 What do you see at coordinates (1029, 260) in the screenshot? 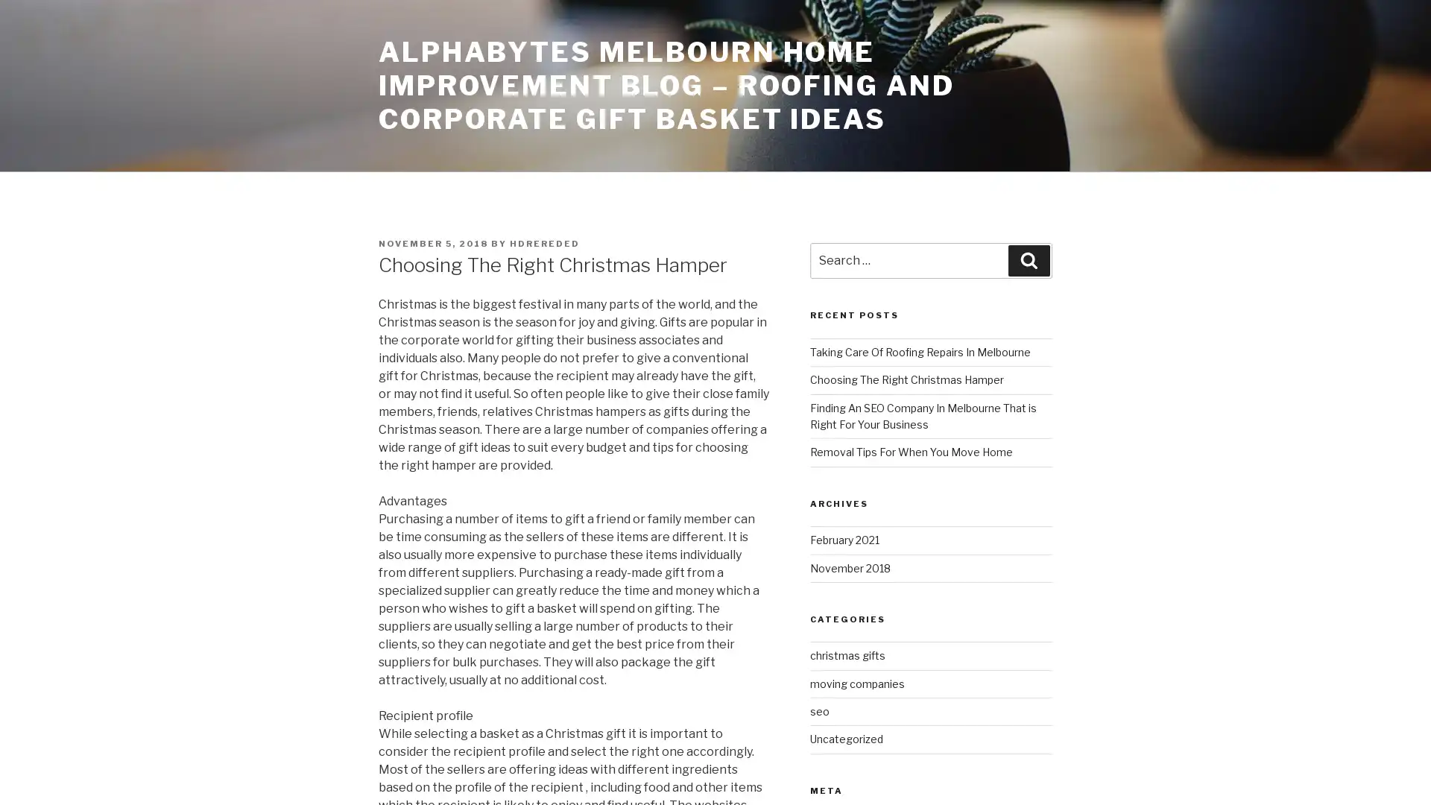
I see `Search` at bounding box center [1029, 260].